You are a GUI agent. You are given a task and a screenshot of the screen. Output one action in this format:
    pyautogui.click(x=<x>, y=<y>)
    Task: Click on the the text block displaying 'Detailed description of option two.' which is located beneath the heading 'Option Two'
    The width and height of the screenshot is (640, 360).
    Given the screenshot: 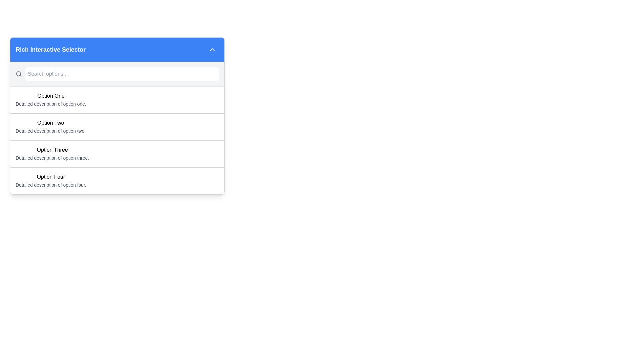 What is the action you would take?
    pyautogui.click(x=50, y=131)
    